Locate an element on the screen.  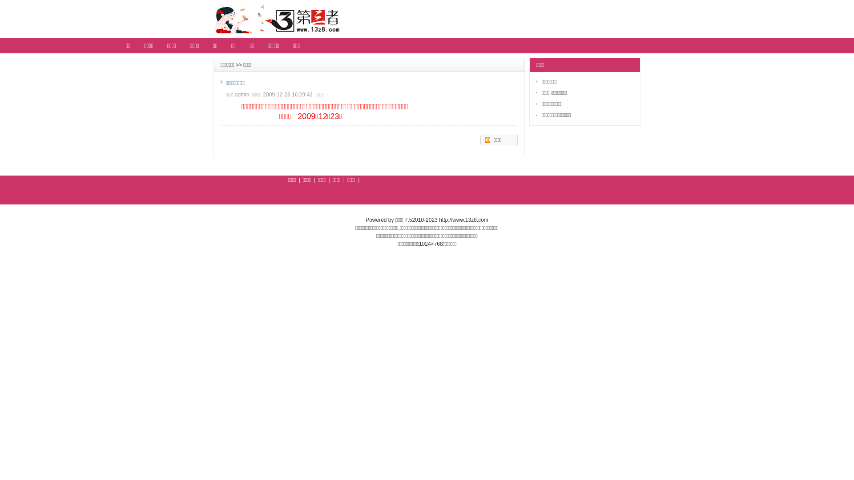
'http://www.13z8.com' is located at coordinates (439, 220).